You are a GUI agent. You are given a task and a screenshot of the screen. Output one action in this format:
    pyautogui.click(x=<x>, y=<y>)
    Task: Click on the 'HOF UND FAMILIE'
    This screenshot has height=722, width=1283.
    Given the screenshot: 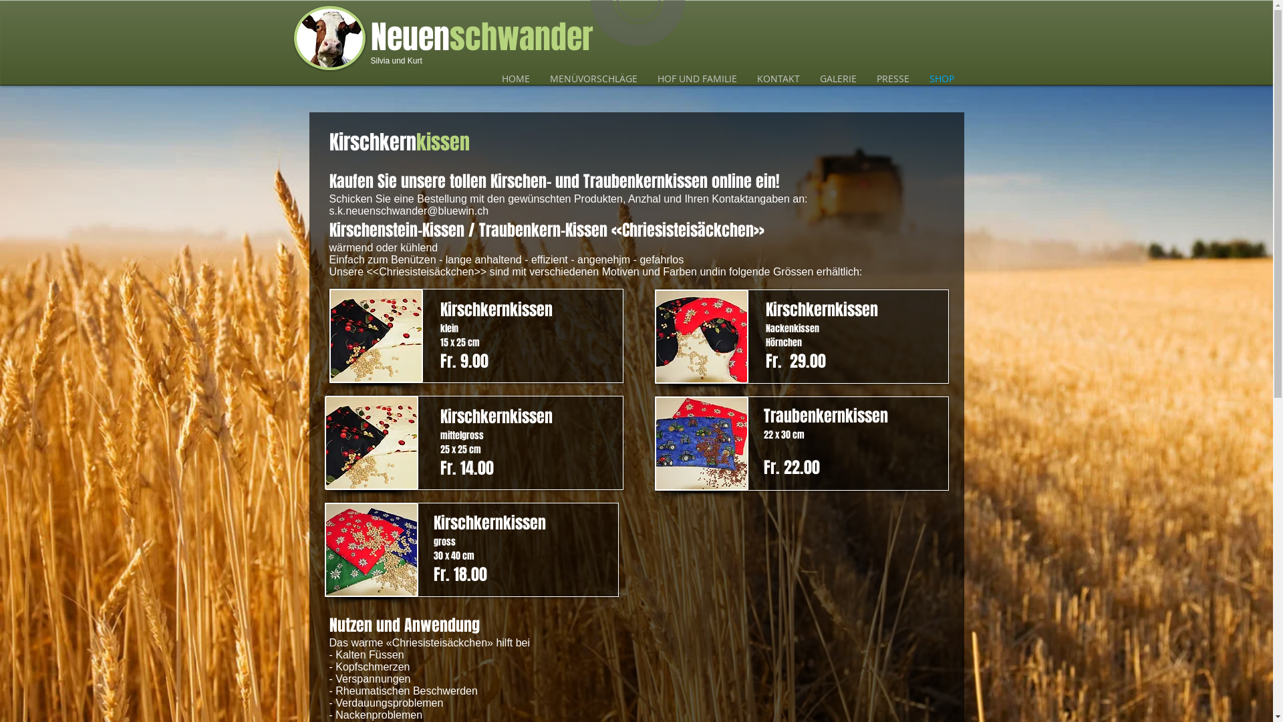 What is the action you would take?
    pyautogui.click(x=696, y=79)
    